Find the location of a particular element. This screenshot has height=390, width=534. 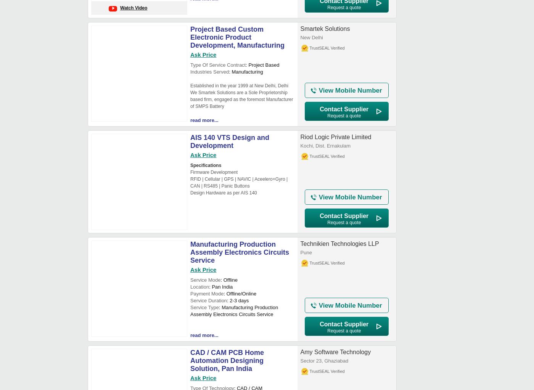

'Design Hardware as per AIS 140' is located at coordinates (224, 193).